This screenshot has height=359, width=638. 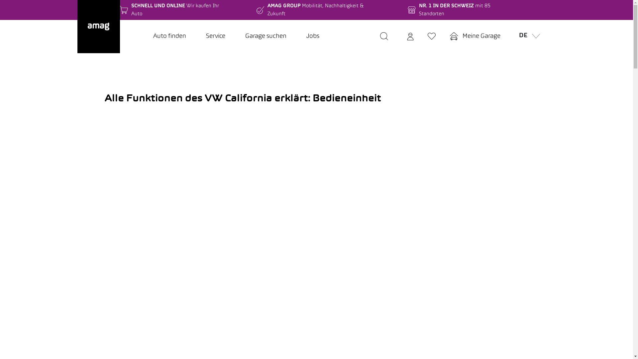 I want to click on 'DE', so click(x=527, y=37).